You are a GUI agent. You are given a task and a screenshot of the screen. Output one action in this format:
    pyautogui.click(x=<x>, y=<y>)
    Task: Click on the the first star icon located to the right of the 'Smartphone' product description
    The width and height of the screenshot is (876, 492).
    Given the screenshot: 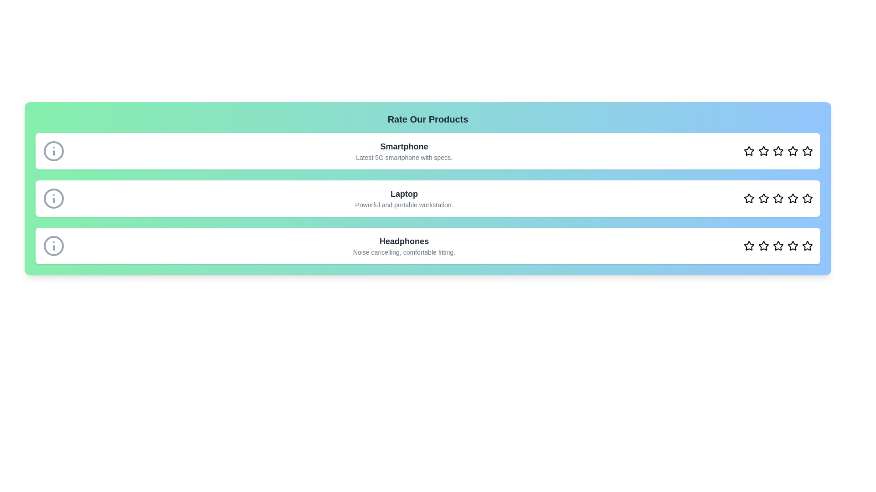 What is the action you would take?
    pyautogui.click(x=749, y=150)
    